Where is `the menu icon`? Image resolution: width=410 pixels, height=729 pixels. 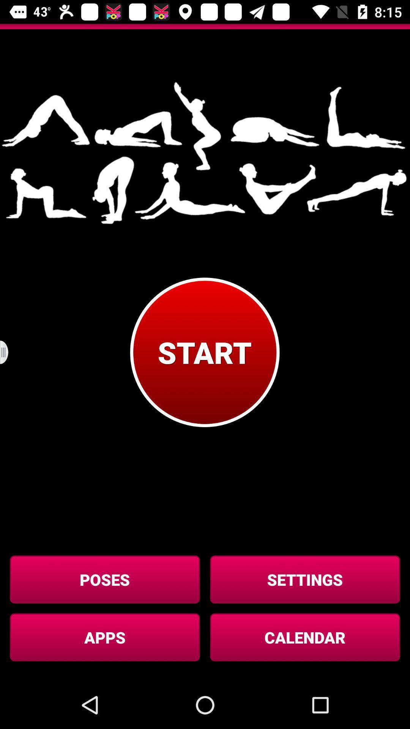
the menu icon is located at coordinates (9, 352).